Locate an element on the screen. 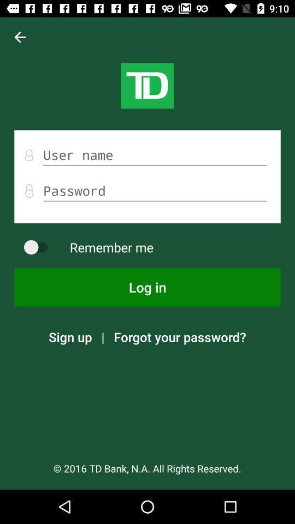  item to the left of the | is located at coordinates (70, 336).